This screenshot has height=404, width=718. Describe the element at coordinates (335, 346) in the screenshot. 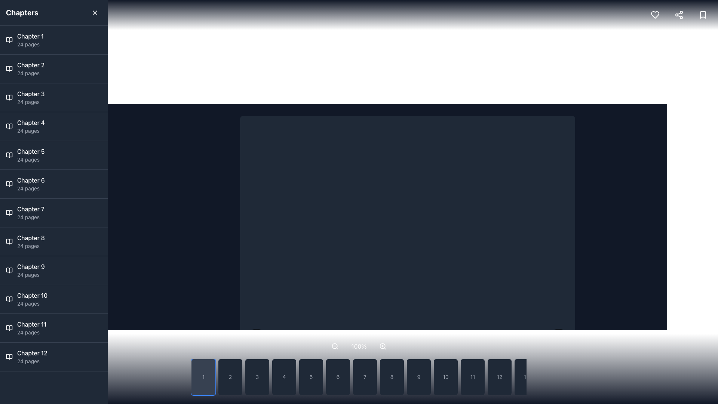

I see `the magnifying glass icon with a minus sign, which represents the 'zoom out' function` at that location.